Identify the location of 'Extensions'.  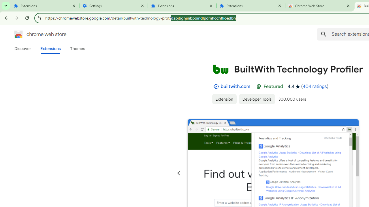
(45, 6).